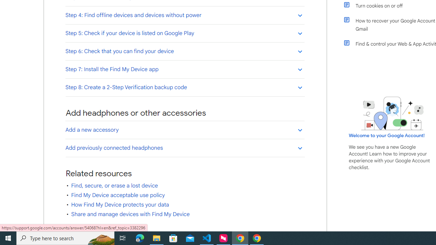  I want to click on 'Add a new accessory', so click(185, 130).